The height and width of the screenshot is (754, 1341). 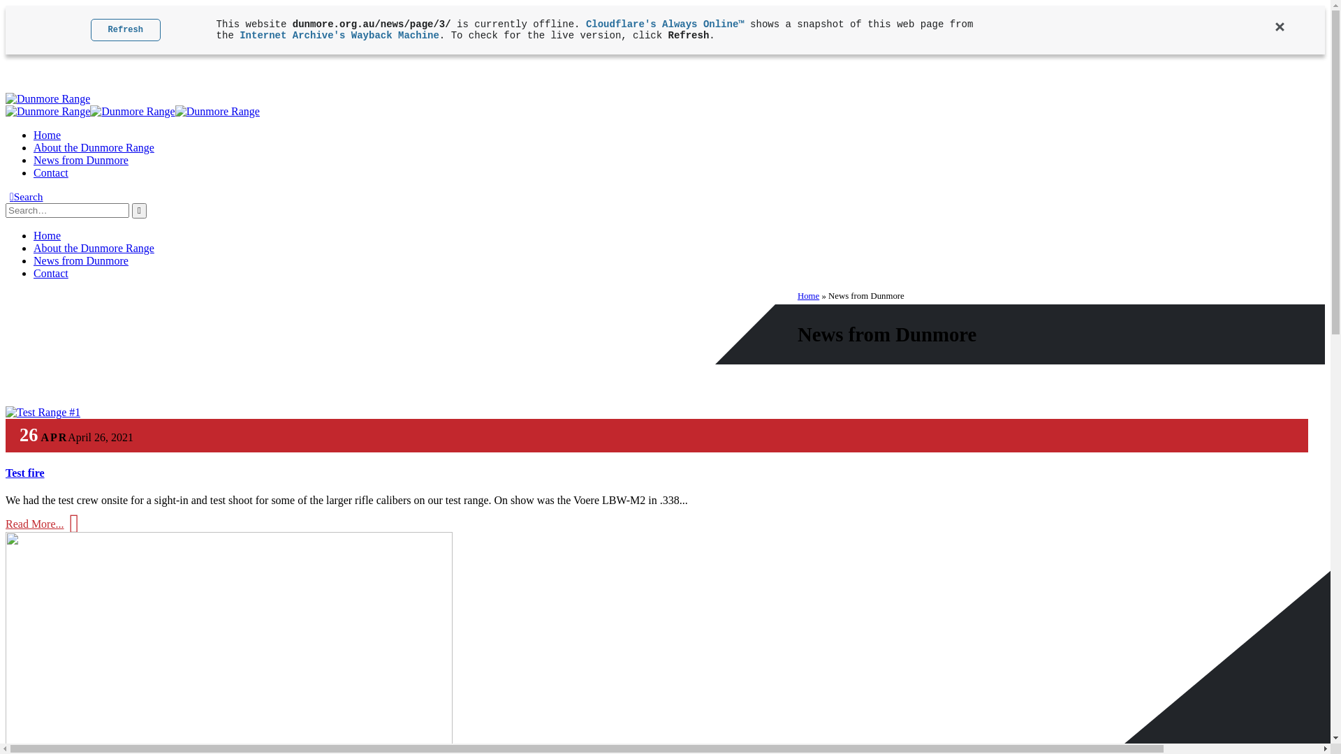 What do you see at coordinates (93, 247) in the screenshot?
I see `'About the Dunmore Range'` at bounding box center [93, 247].